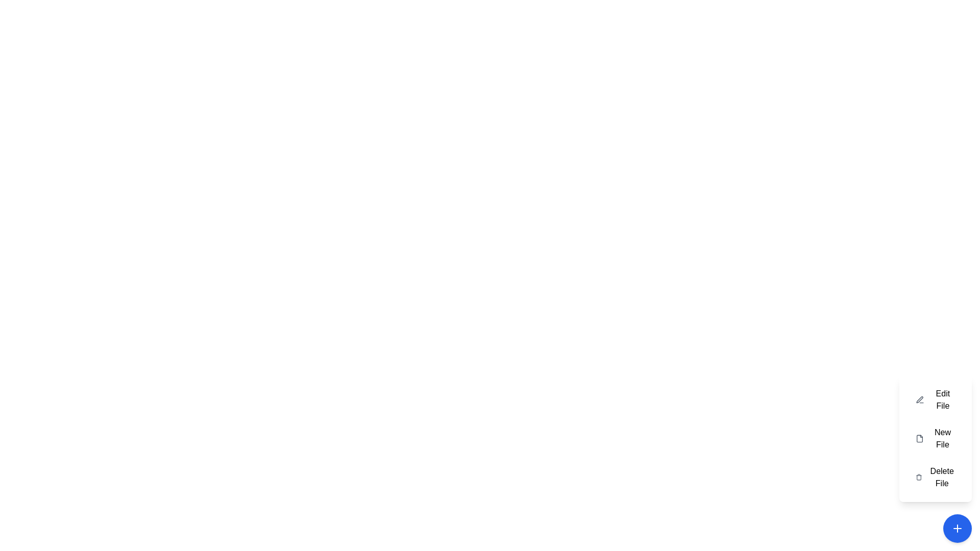  I want to click on the delete button located at the bottom-right corner of the interface, which is the third item in a vertical list of options, so click(935, 478).